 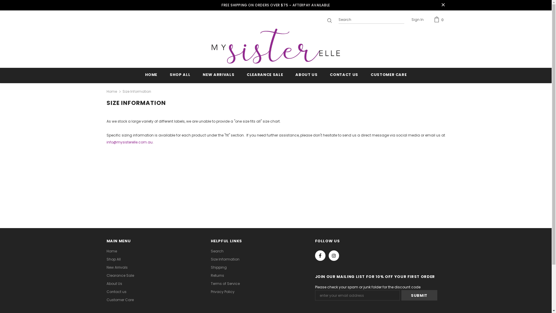 I want to click on 'Customer Care', so click(x=120, y=300).